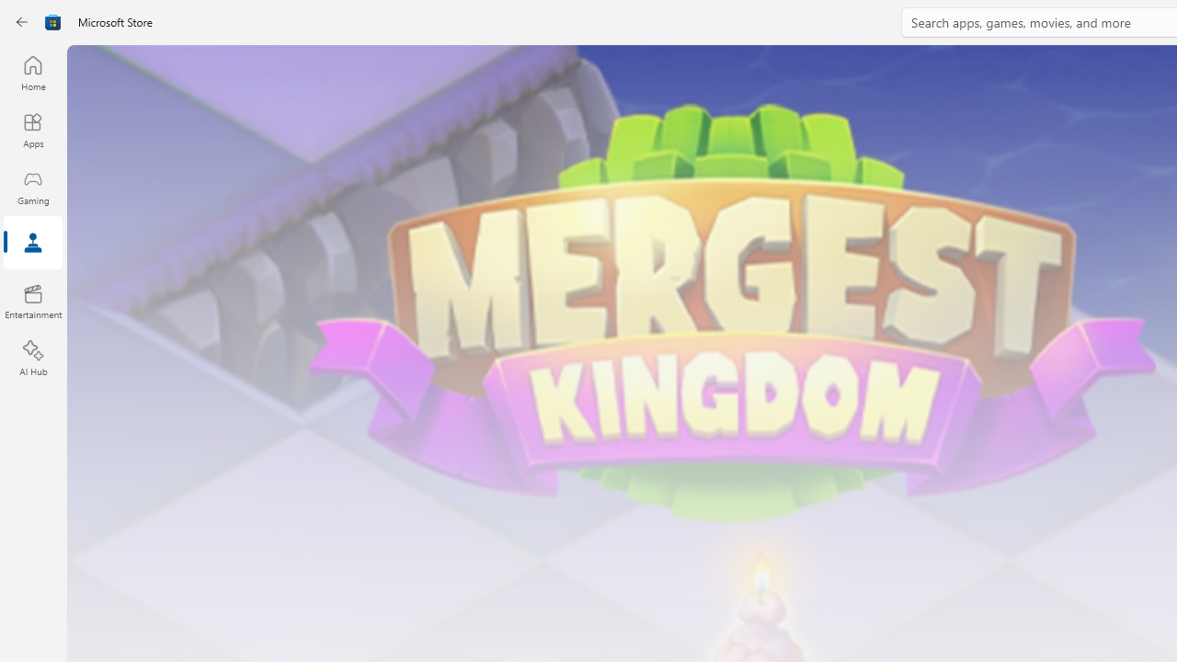 This screenshot has height=662, width=1177. What do you see at coordinates (22, 22) in the screenshot?
I see `'Back'` at bounding box center [22, 22].